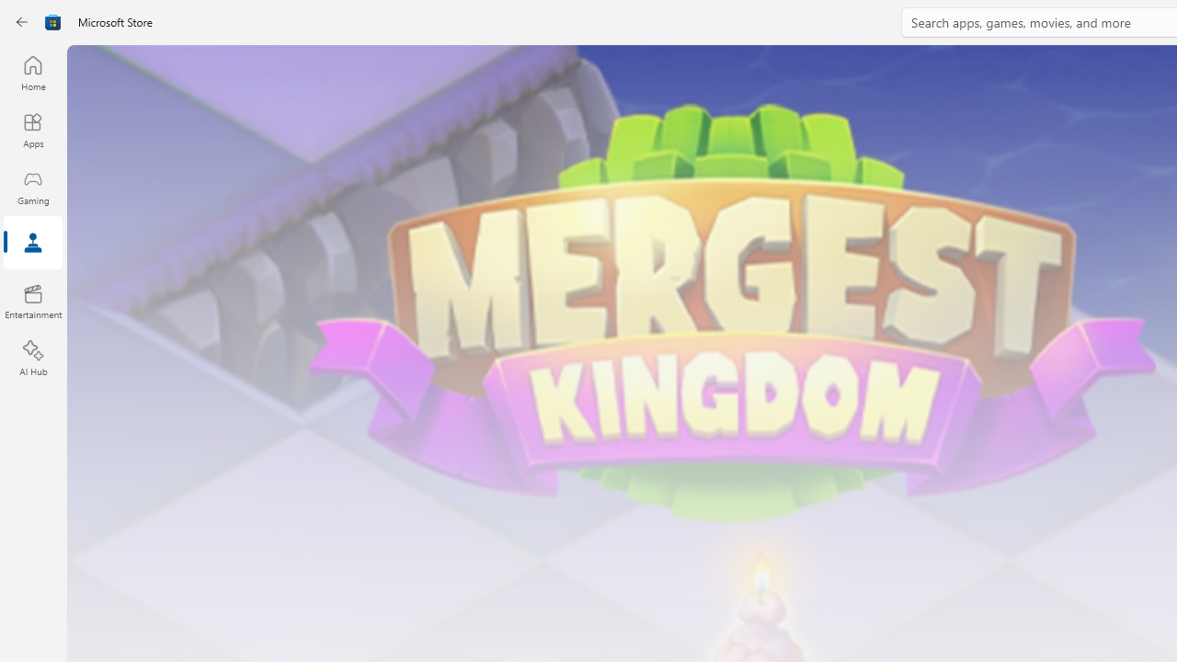 This screenshot has height=662, width=1177. What do you see at coordinates (22, 22) in the screenshot?
I see `'Back'` at bounding box center [22, 22].